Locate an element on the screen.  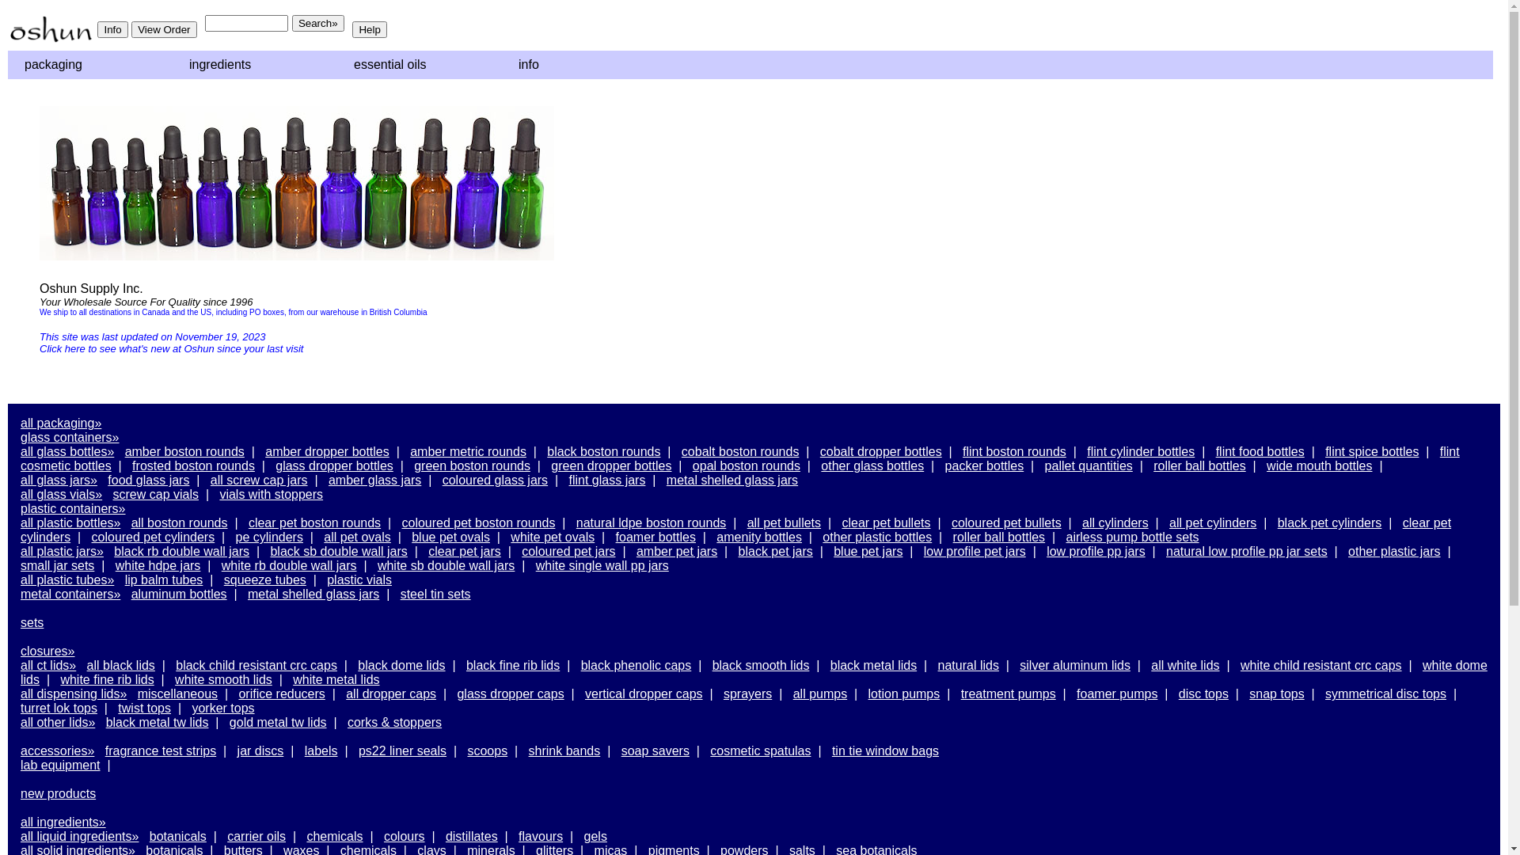
'yorker tops' is located at coordinates (222, 707).